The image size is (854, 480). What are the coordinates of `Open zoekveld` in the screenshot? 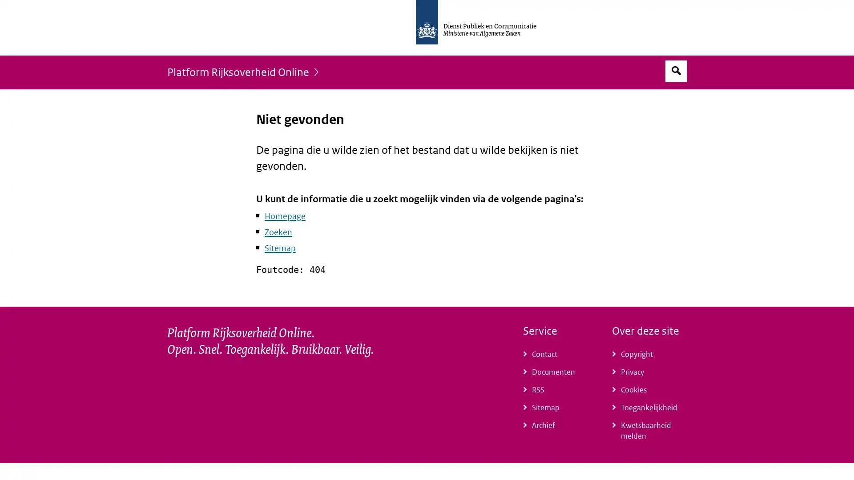 It's located at (676, 70).